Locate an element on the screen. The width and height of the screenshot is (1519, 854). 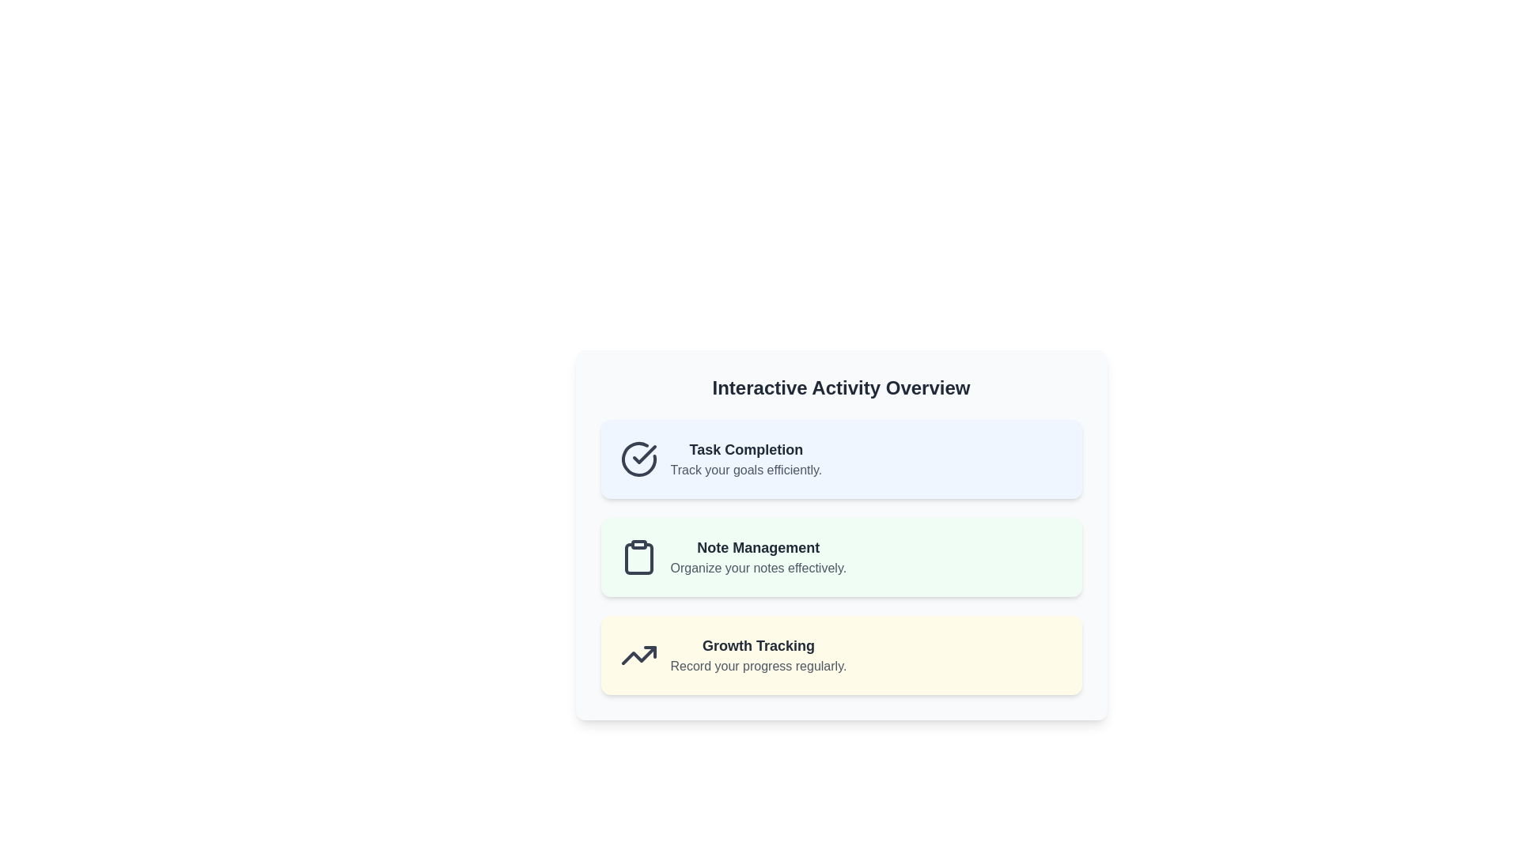
the decorative icon indicating task completion within the first card titled 'Task Completion' under the header 'Interactive Activity Overview' is located at coordinates (638, 459).